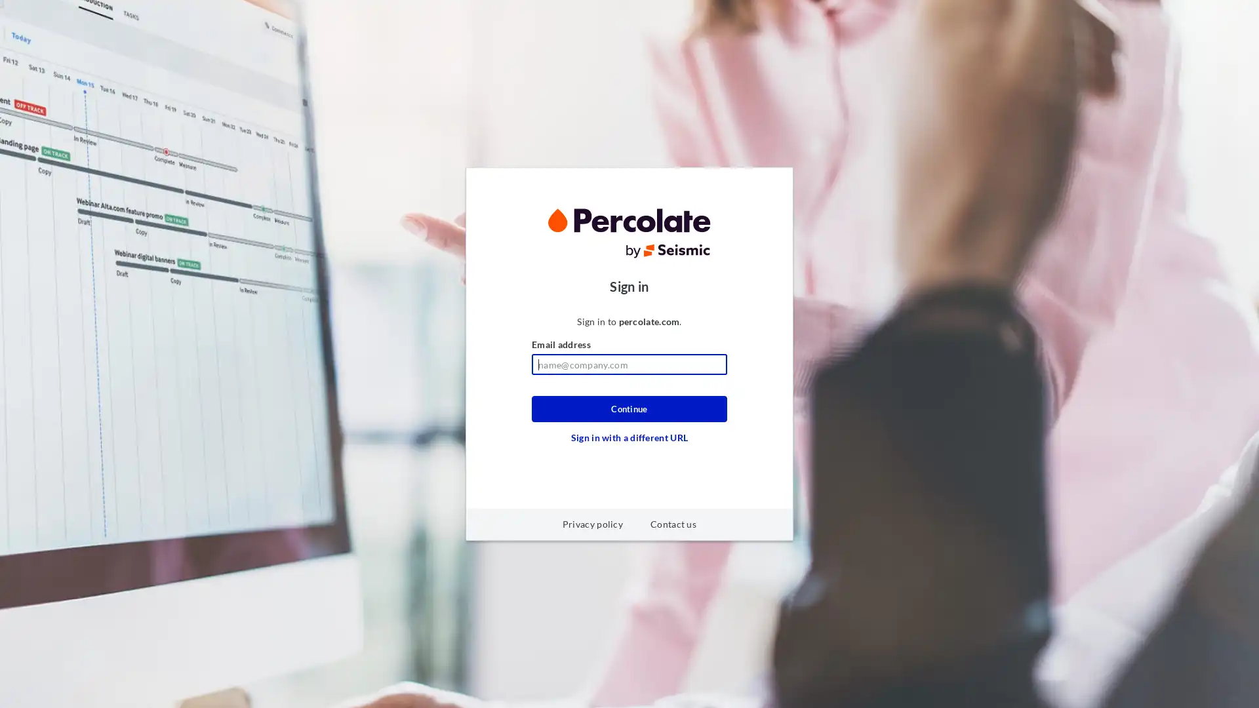 The image size is (1259, 708). Describe the element at coordinates (629, 408) in the screenshot. I see `Continue` at that location.